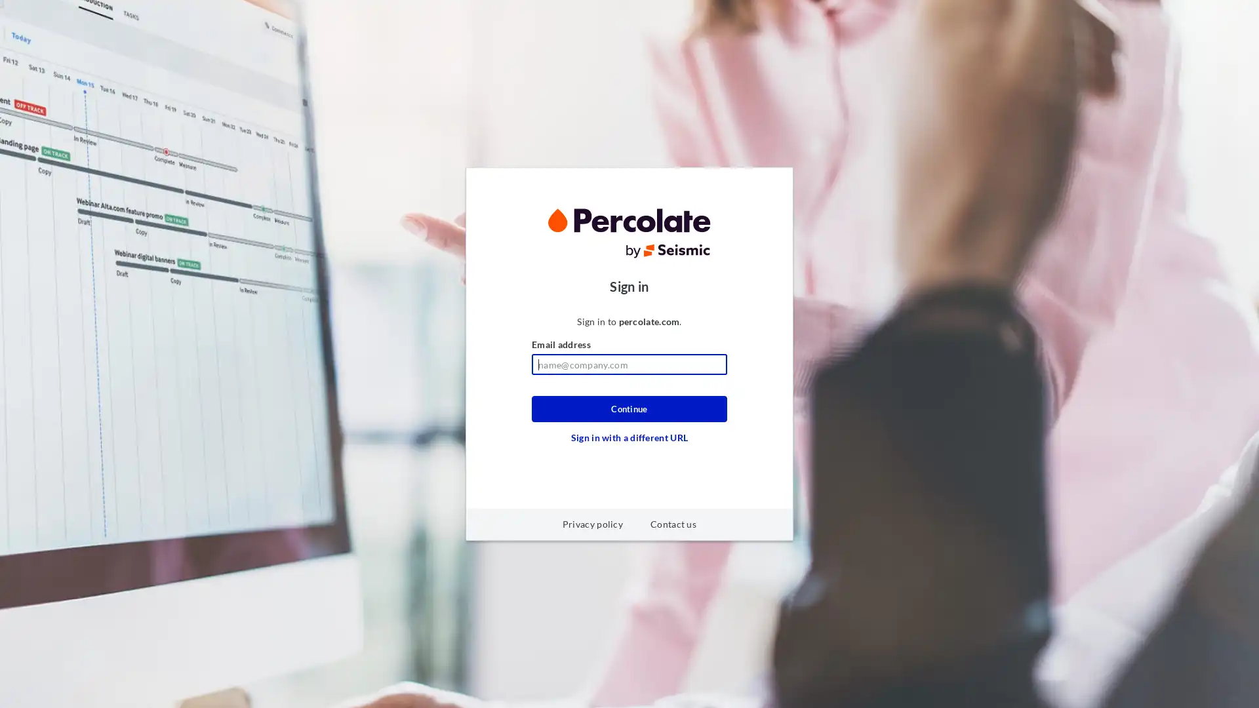 The image size is (1259, 708). Describe the element at coordinates (629, 408) in the screenshot. I see `Continue` at that location.